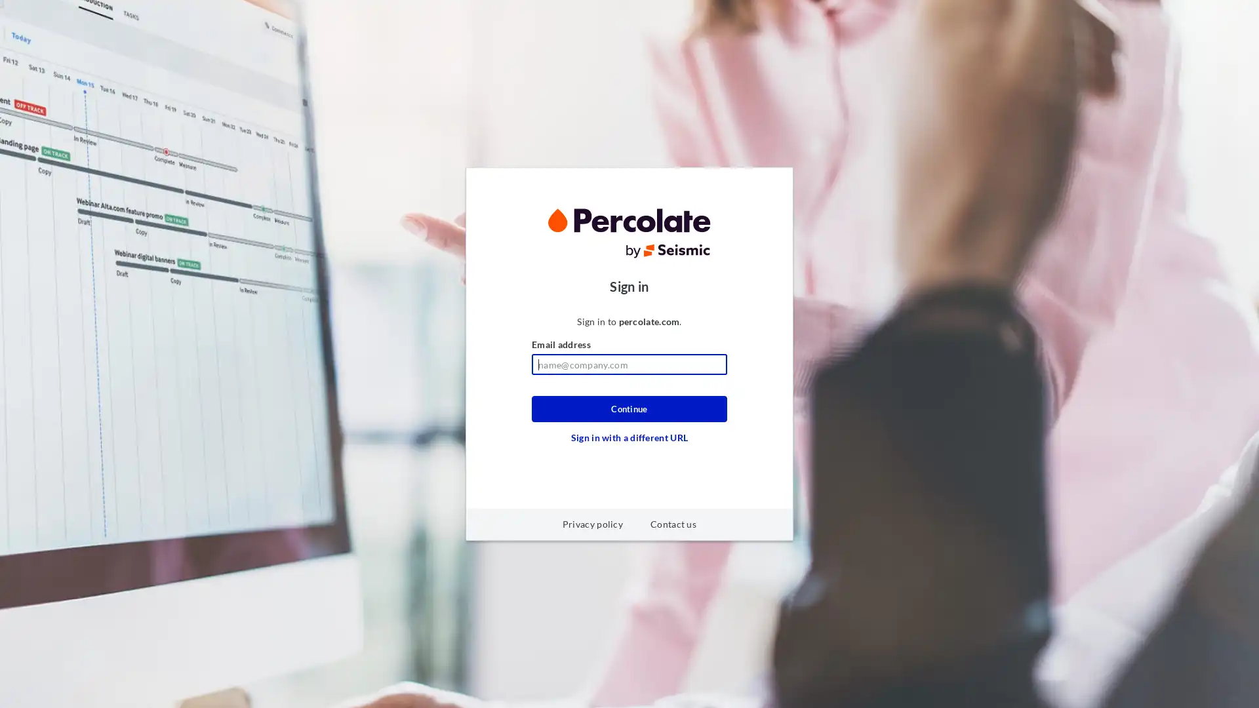 The image size is (1259, 708). Describe the element at coordinates (629, 408) in the screenshot. I see `Continue` at that location.